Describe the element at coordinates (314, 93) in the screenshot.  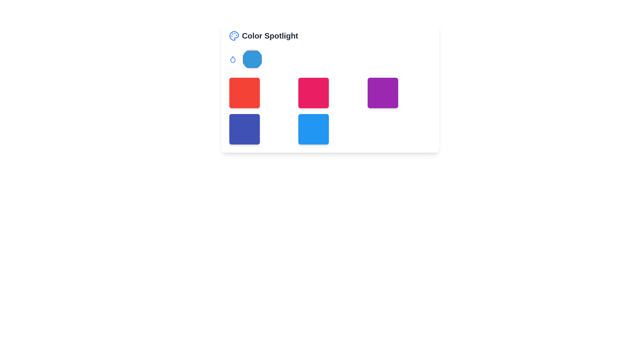
I see `the second colored square in the first row of the 3x2 grid` at that location.